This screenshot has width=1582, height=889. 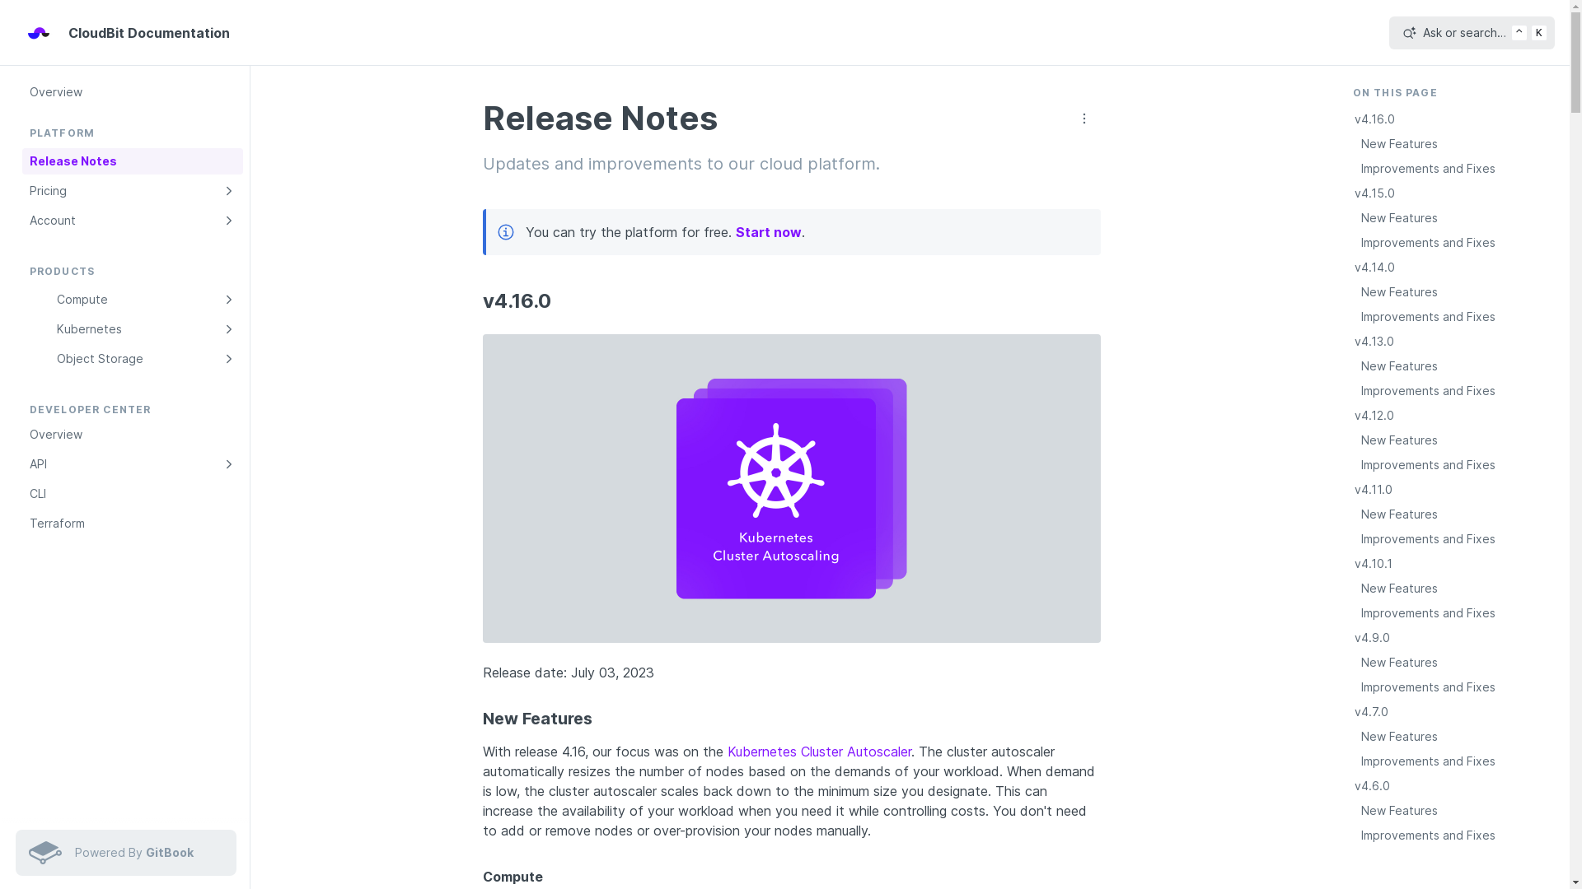 I want to click on 'Overview', so click(x=130, y=434).